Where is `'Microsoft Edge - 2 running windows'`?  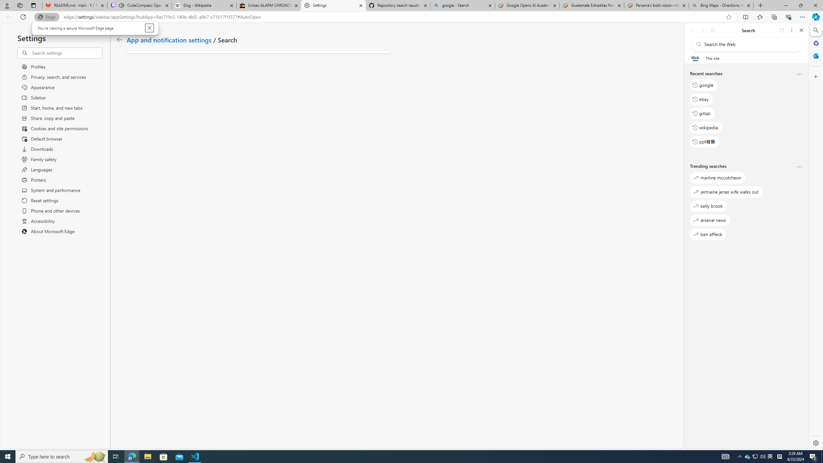 'Microsoft Edge - 2 running windows' is located at coordinates (131, 456).